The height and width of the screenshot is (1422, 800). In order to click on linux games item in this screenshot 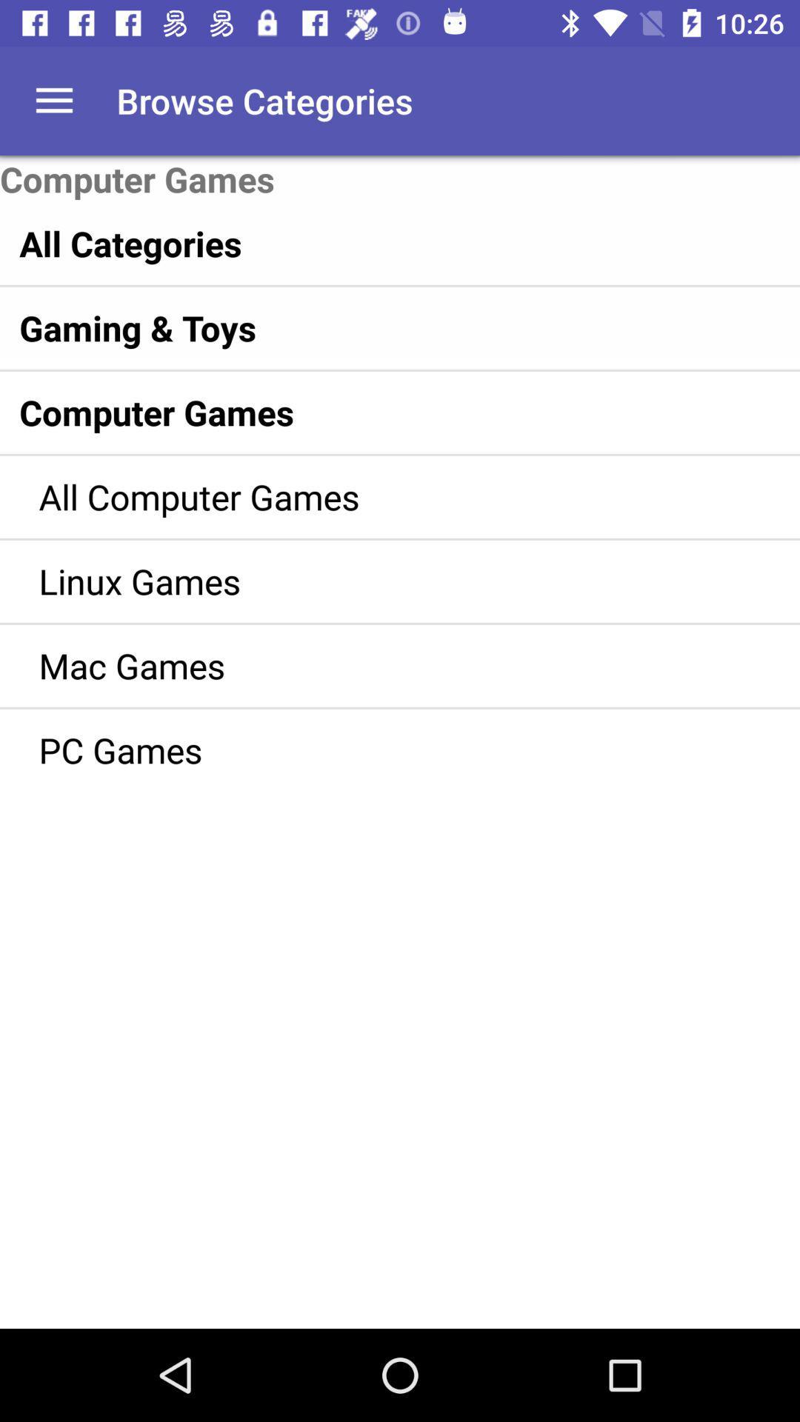, I will do `click(378, 580)`.